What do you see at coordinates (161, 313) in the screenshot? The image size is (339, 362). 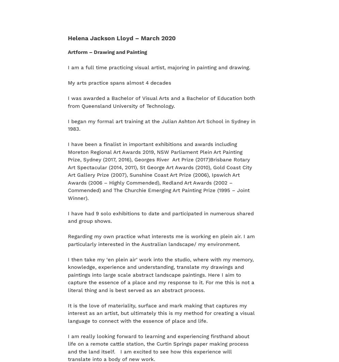 I see `'It is the love of materiality, surface and mark making that captures my interest as an artist, but ultimately this is my method for creating a visual language to connect with the essence of place and life.'` at bounding box center [161, 313].